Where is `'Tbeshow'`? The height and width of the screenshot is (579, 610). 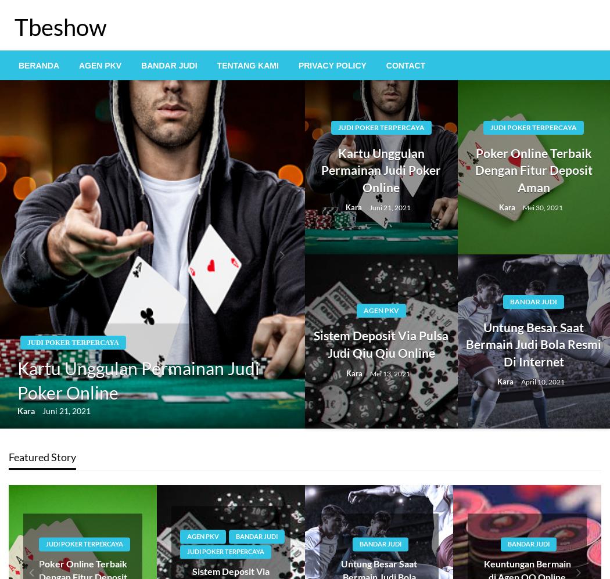
'Tbeshow' is located at coordinates (60, 26).